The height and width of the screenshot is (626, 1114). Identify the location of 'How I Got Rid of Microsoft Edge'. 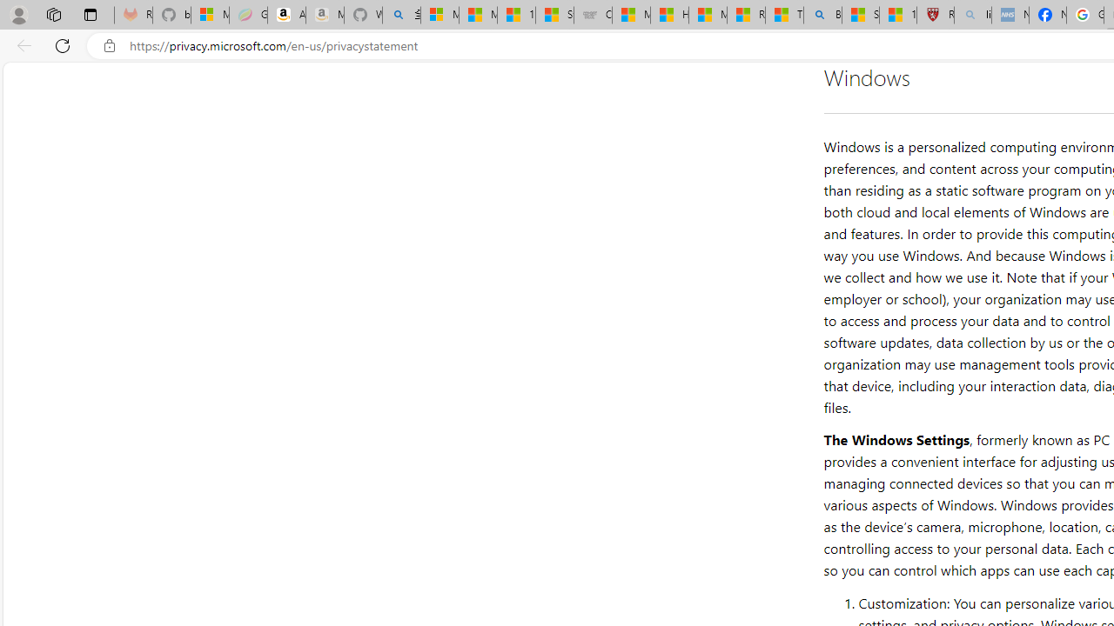
(668, 15).